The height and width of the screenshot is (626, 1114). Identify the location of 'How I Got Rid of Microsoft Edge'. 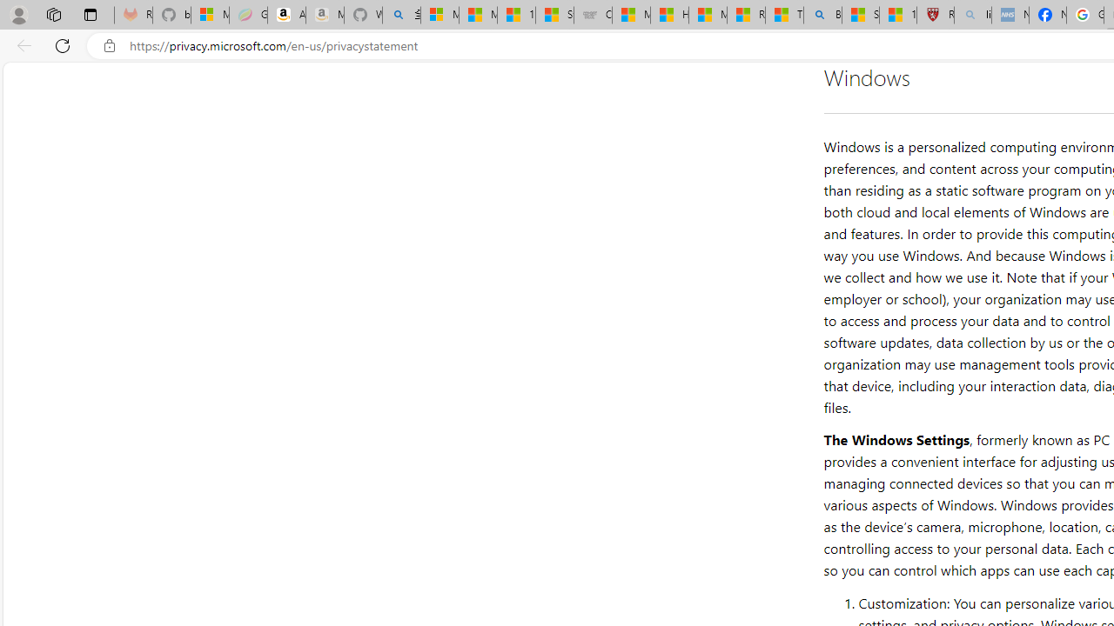
(668, 15).